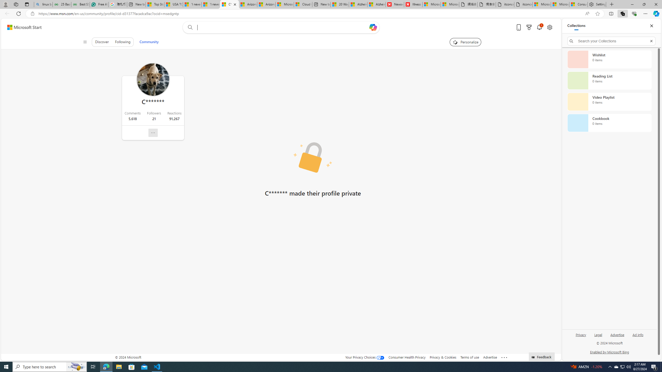 This screenshot has width=662, height=372. Describe the element at coordinates (153, 133) in the screenshot. I see `'Report profile'` at that location.